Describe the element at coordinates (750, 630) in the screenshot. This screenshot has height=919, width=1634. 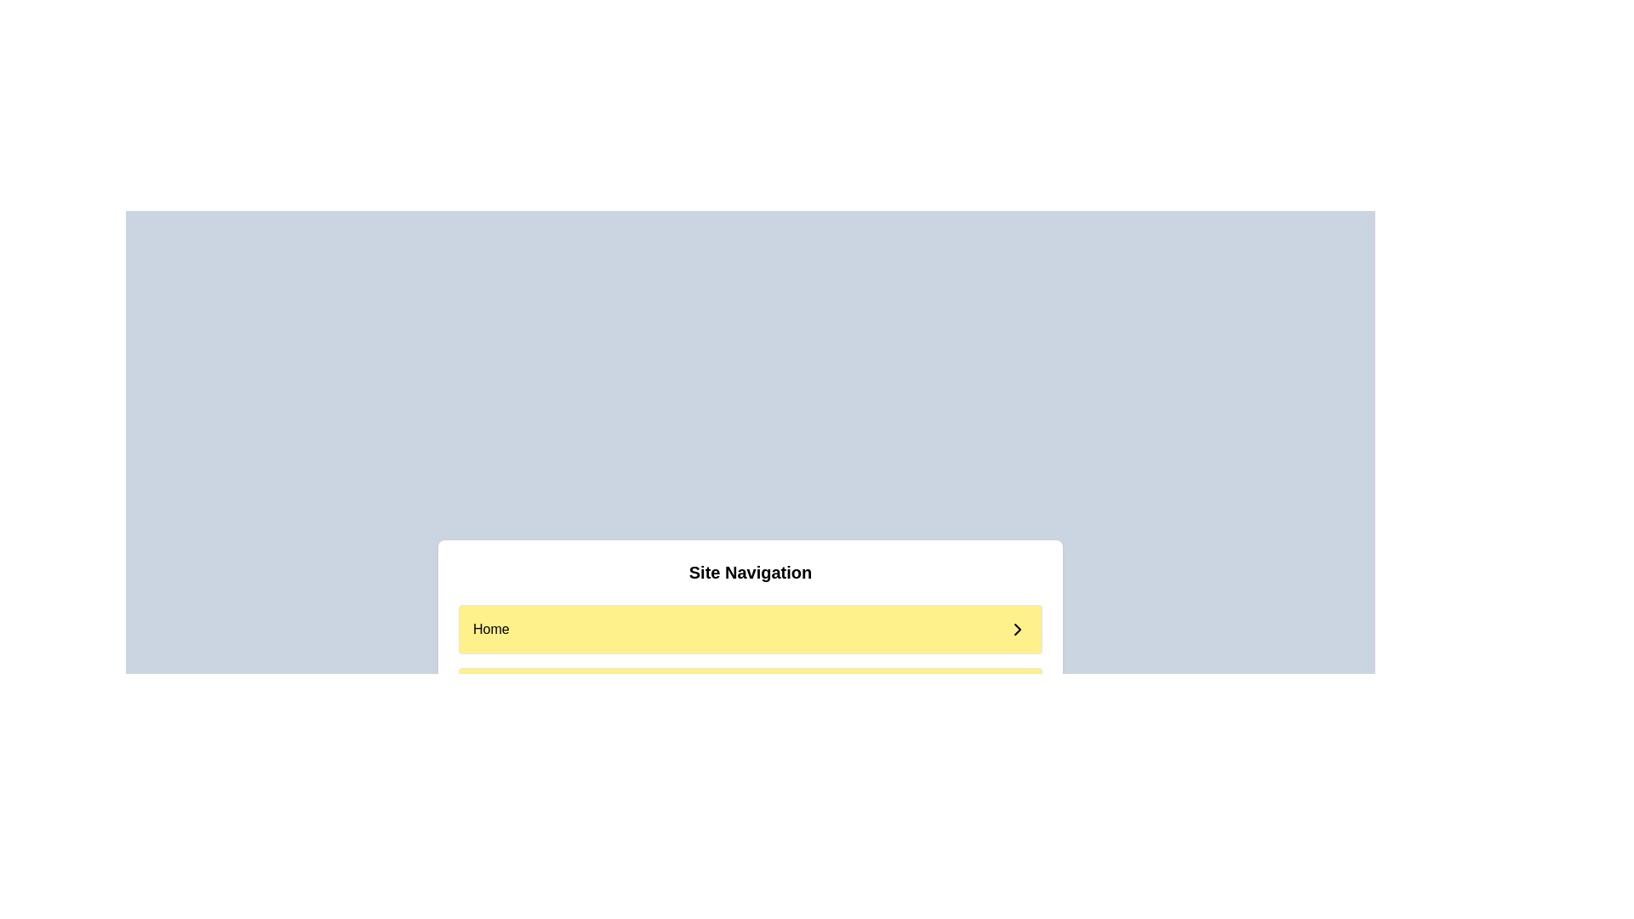
I see `the menu item Home to select it` at that location.